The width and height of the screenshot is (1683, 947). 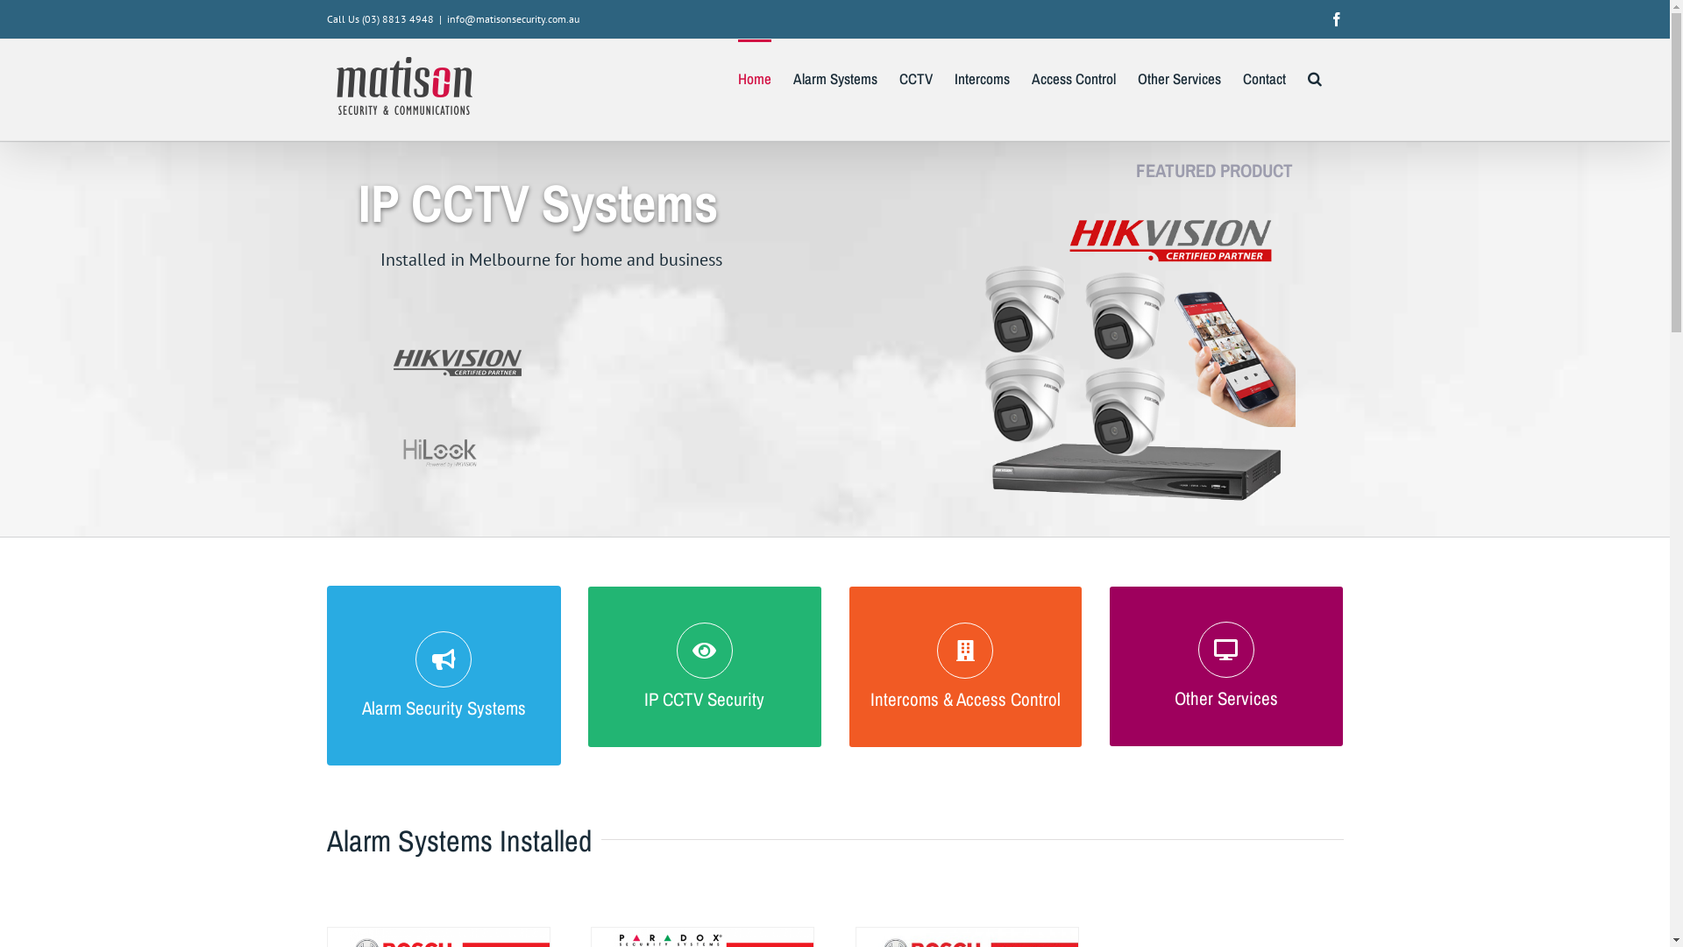 What do you see at coordinates (1264, 76) in the screenshot?
I see `'Contact'` at bounding box center [1264, 76].